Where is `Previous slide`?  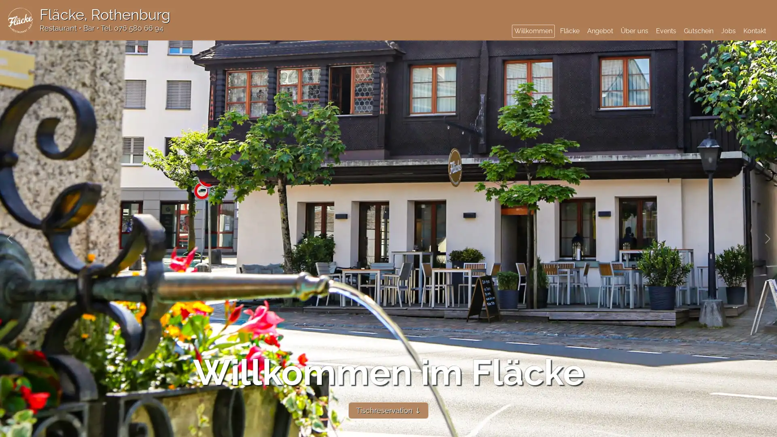
Previous slide is located at coordinates (9, 238).